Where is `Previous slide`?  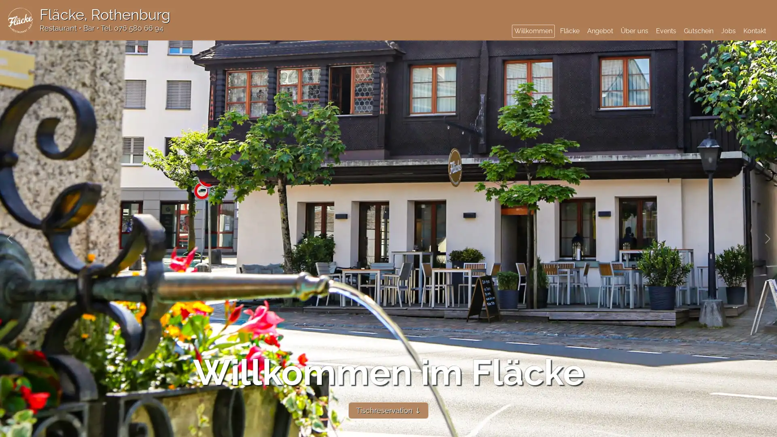
Previous slide is located at coordinates (9, 238).